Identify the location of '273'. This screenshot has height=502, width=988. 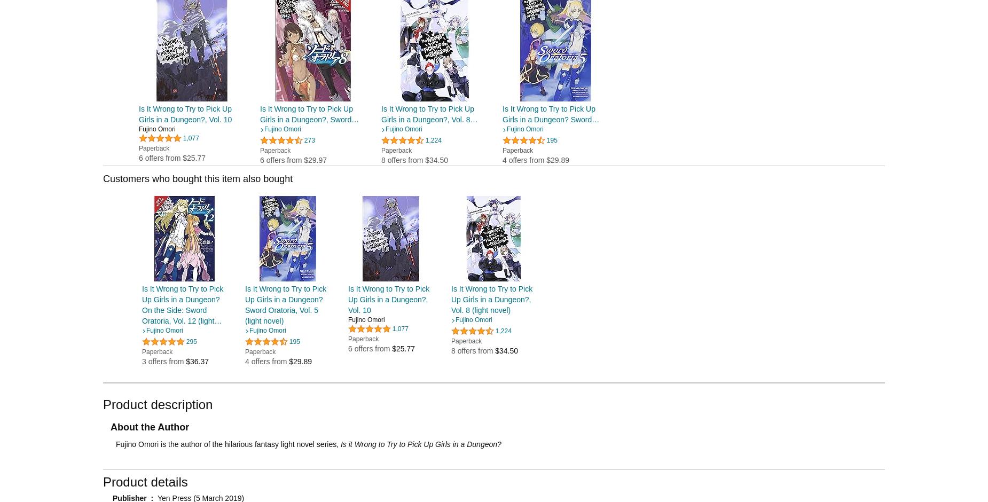
(309, 139).